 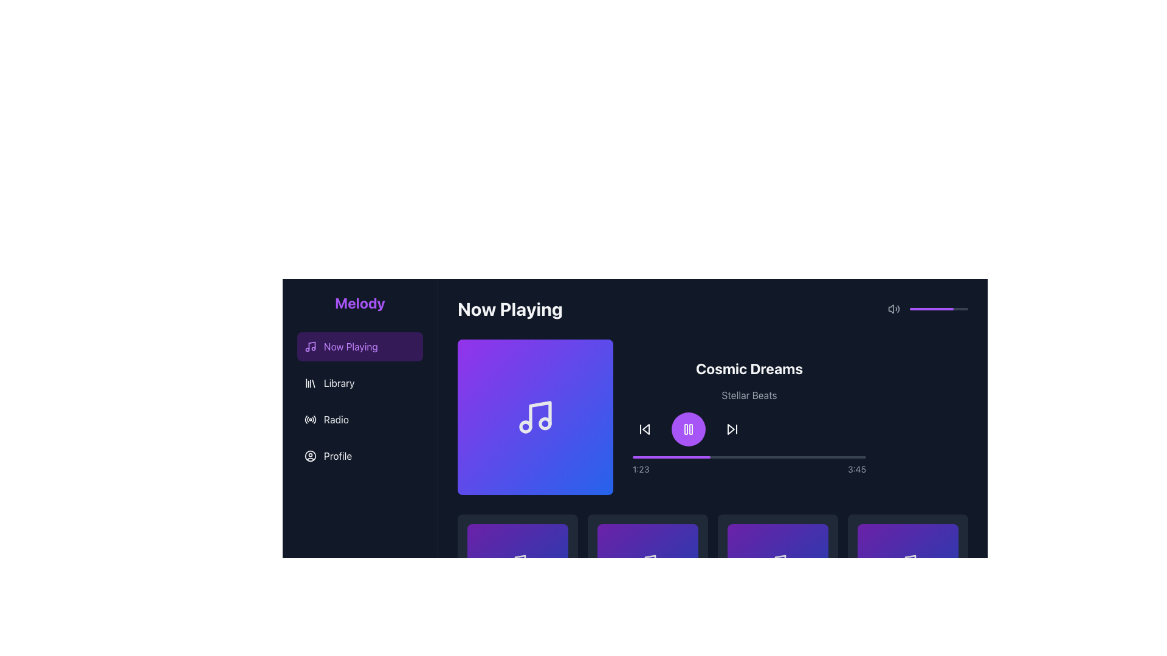 What do you see at coordinates (647, 562) in the screenshot?
I see `the music content SVG icon located in the center of a purple-to-blue gradient card beneath the 'Now Playing' section, positioned in the second row and fourth column of a grid layout` at bounding box center [647, 562].